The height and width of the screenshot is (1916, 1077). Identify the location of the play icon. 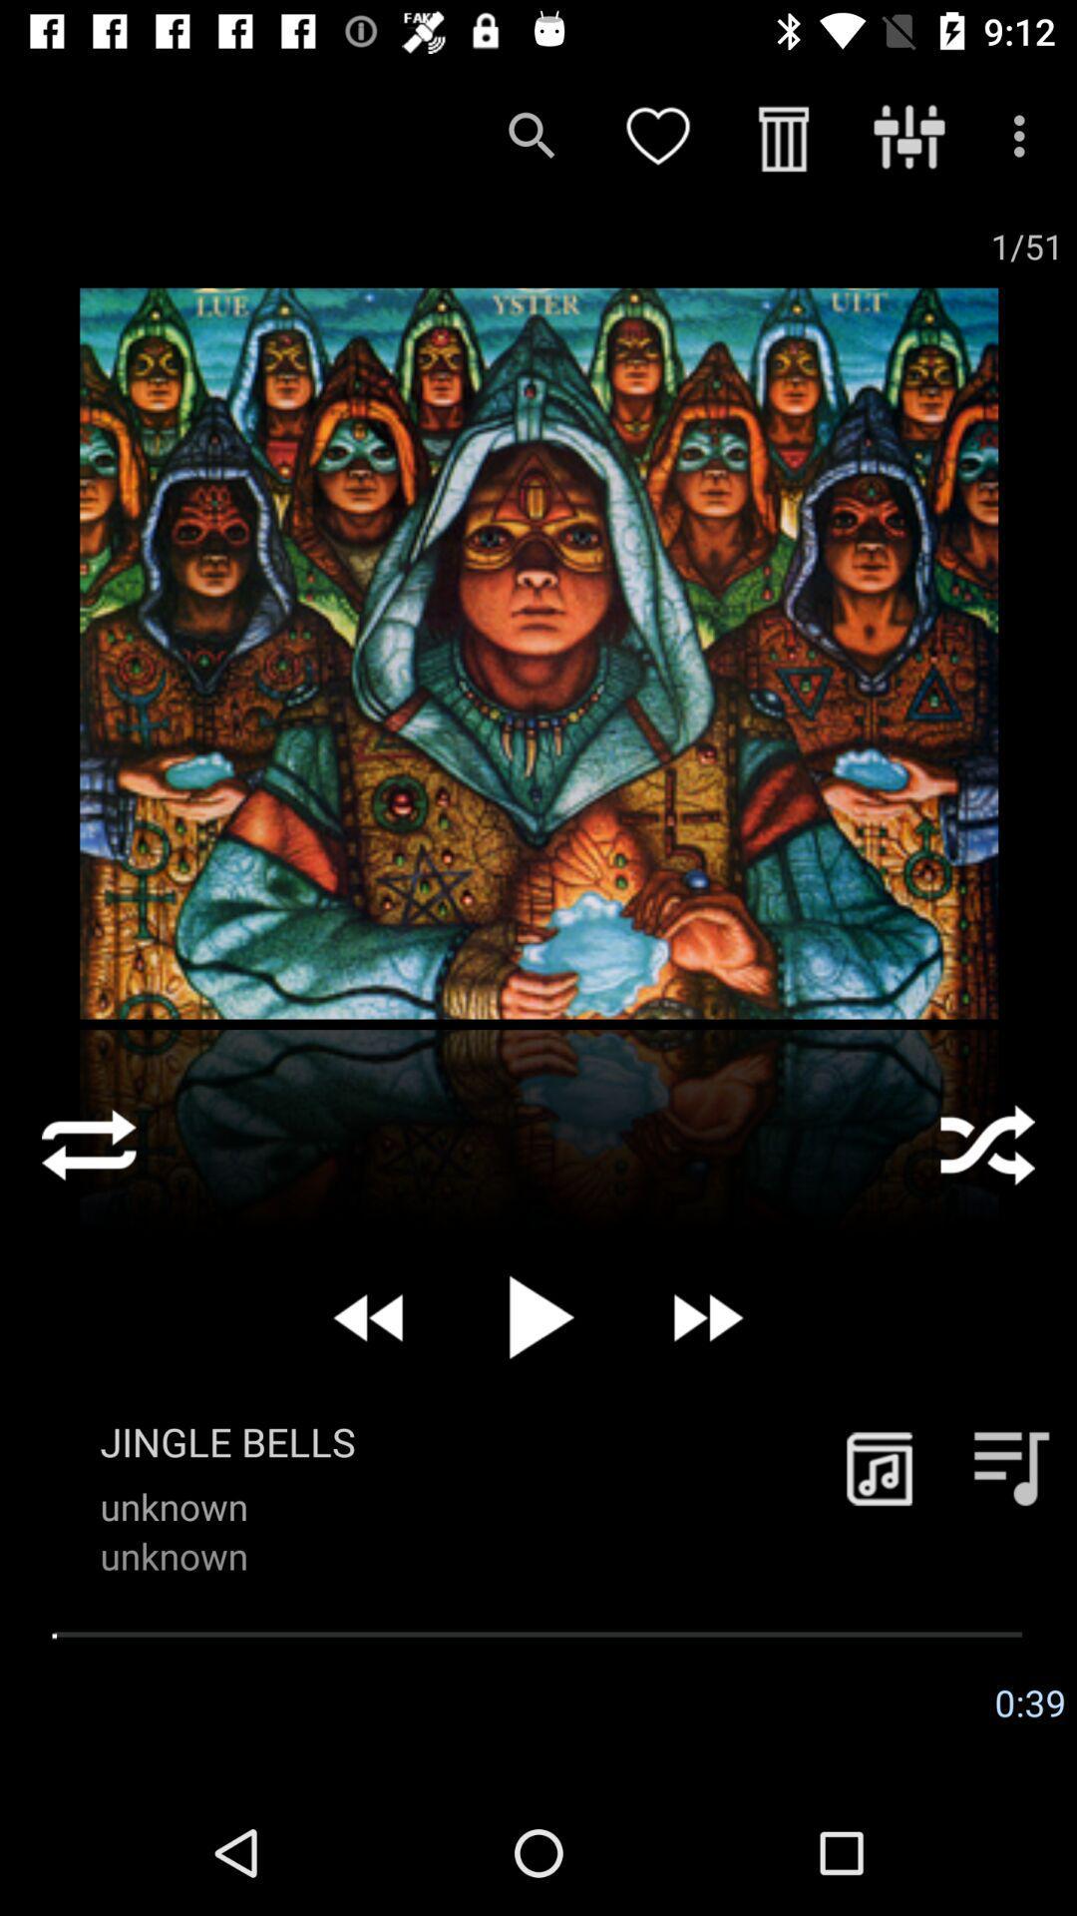
(538, 1317).